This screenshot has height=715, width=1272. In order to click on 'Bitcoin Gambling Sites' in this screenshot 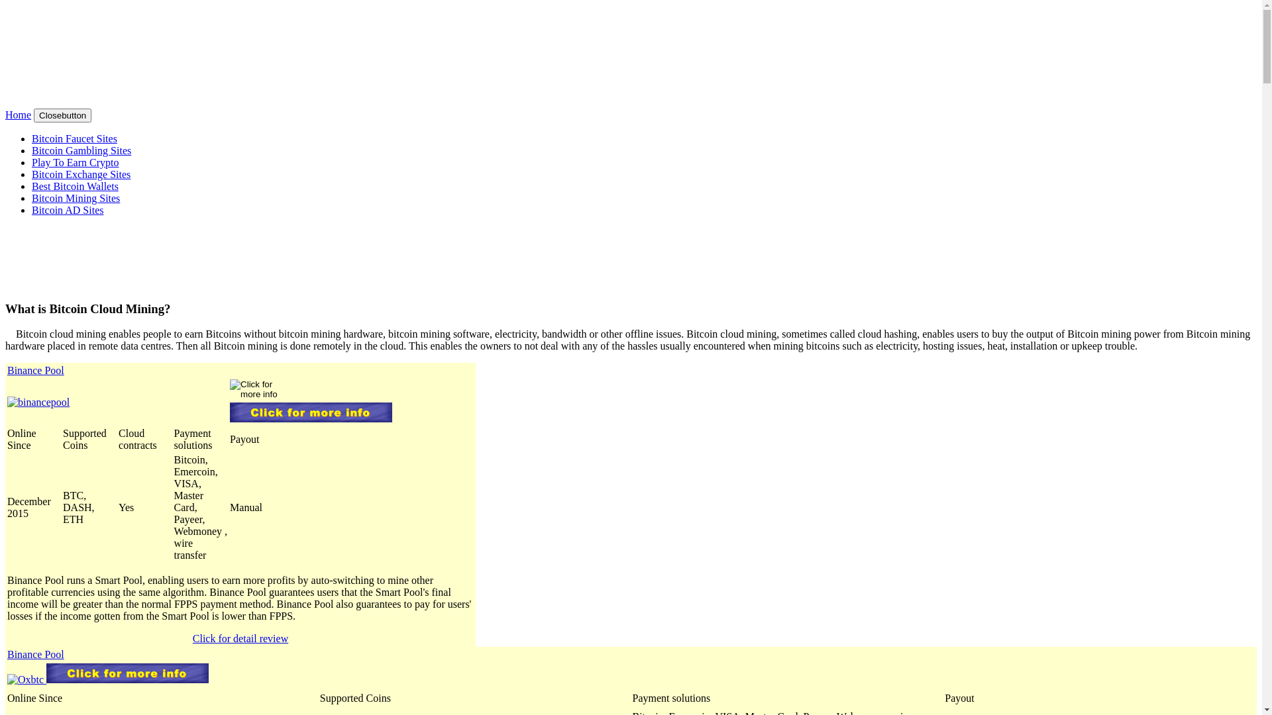, I will do `click(81, 150)`.